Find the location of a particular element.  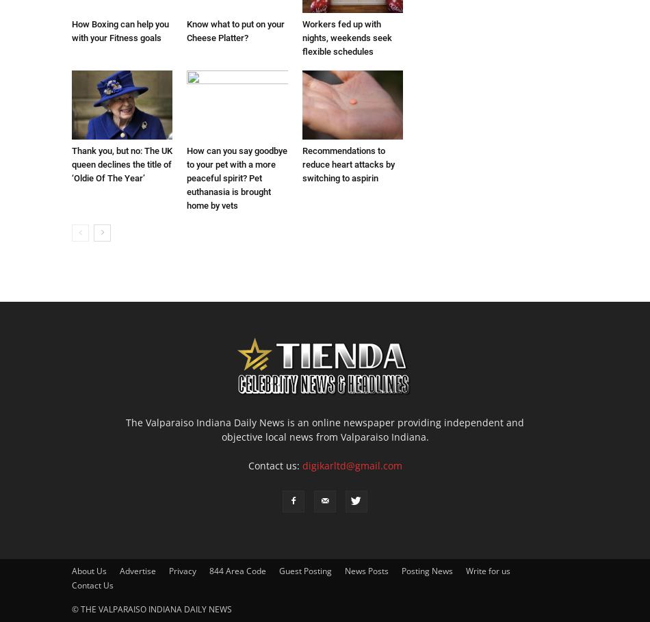

'How can you say goodbye to your pet with a more peaceful spirit? Pet euthanasia is brought home by vets' is located at coordinates (186, 177).